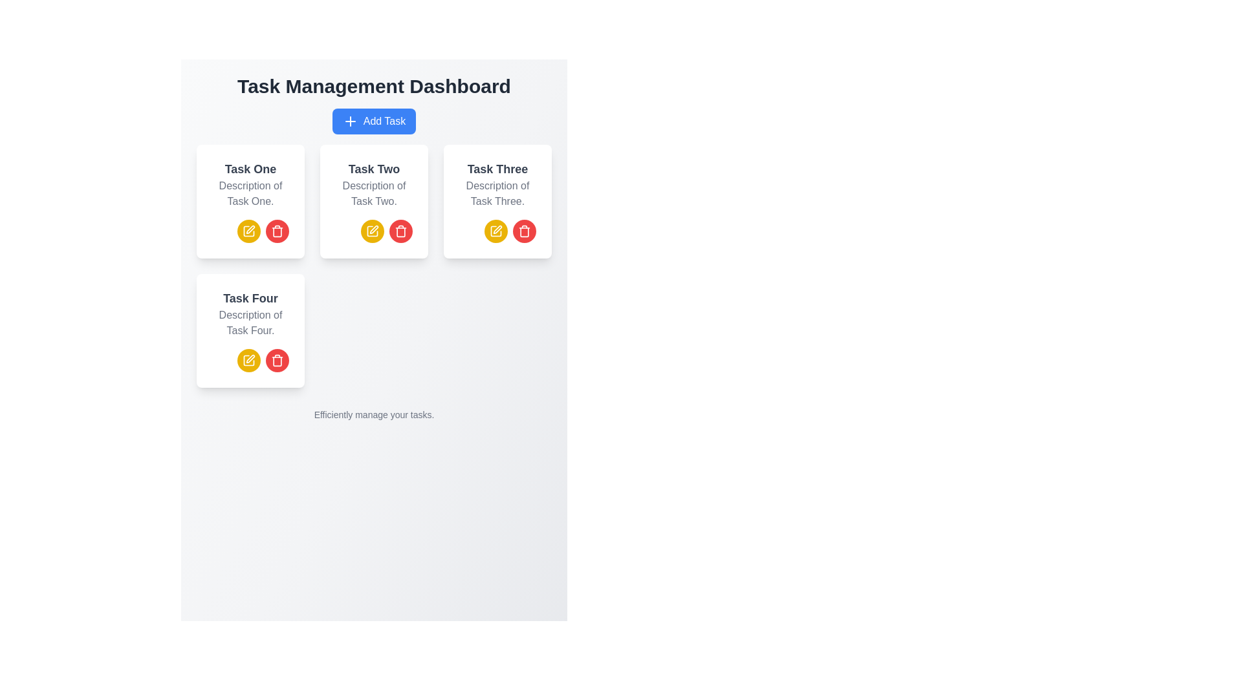 Image resolution: width=1242 pixels, height=698 pixels. Describe the element at coordinates (373, 87) in the screenshot. I see `the title text element that indicates the interface's purpose for task management, located above the 'Add Task' button and the task cards` at that location.